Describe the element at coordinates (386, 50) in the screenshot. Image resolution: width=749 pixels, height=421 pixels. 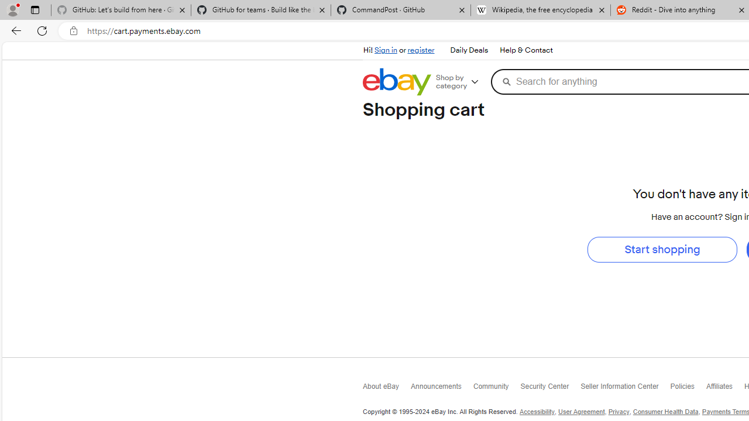
I see `'Sign in'` at that location.